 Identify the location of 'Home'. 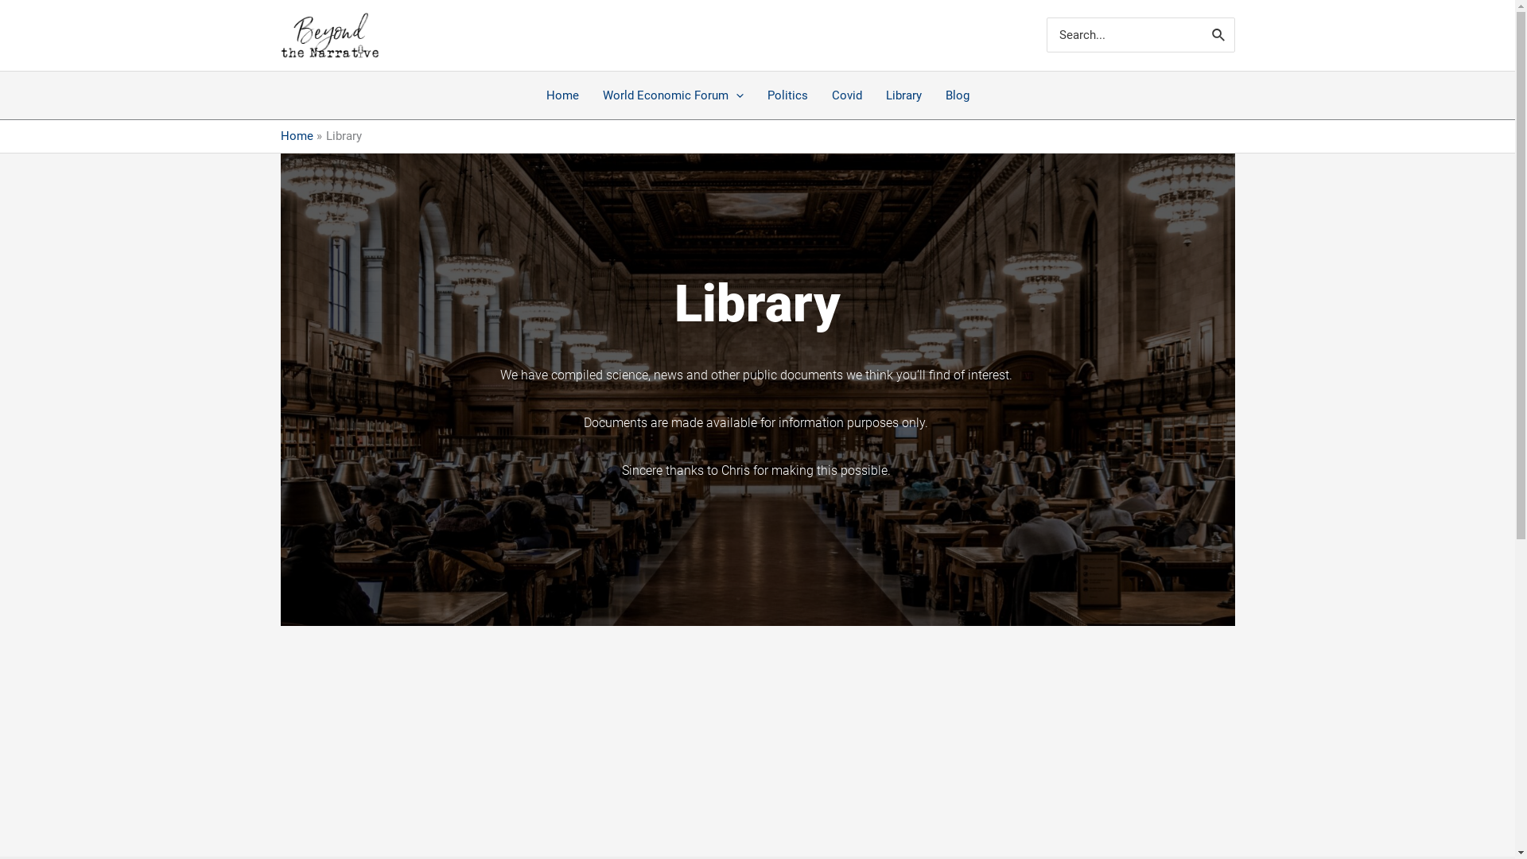
(296, 134).